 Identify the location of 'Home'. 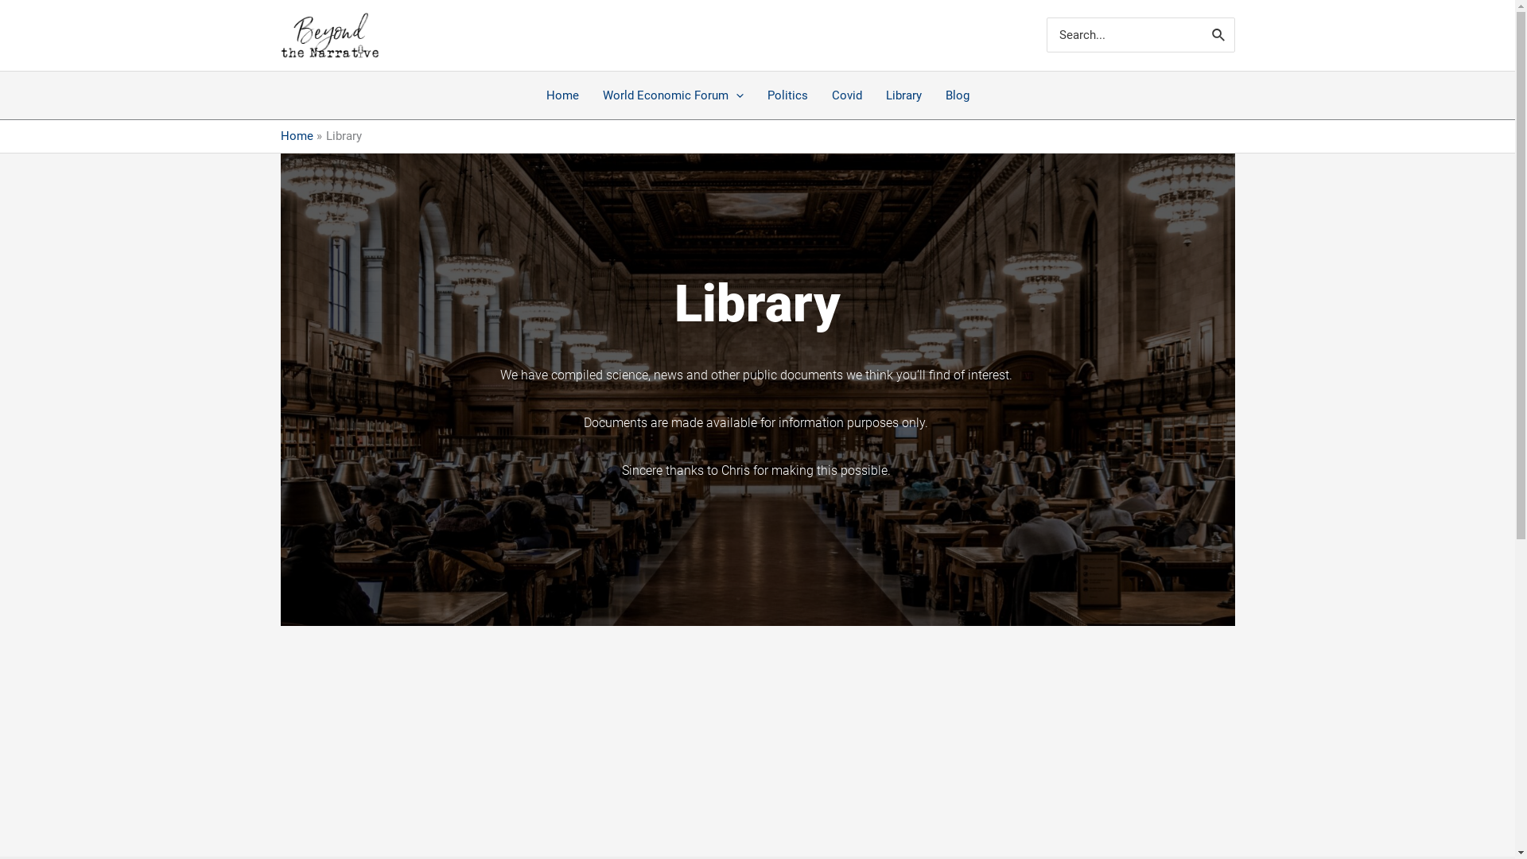
(296, 134).